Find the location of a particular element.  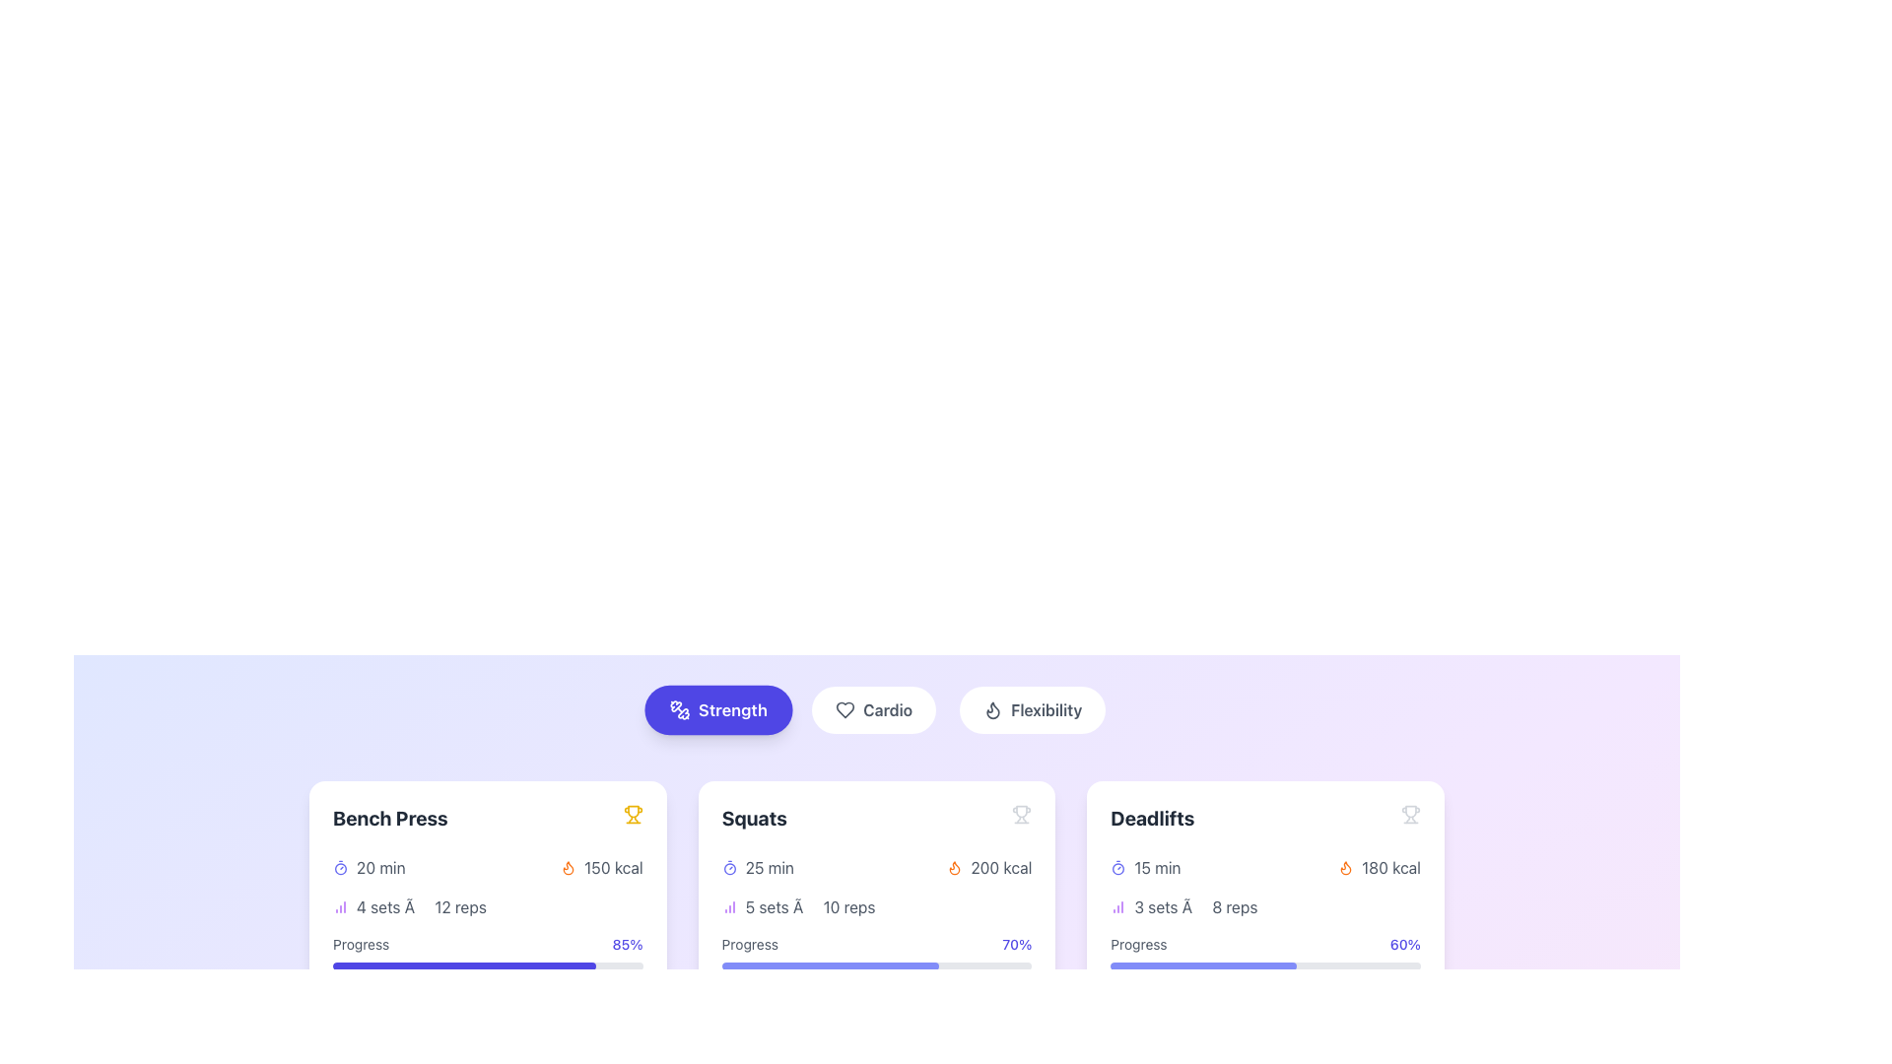

the calories burned icon located in the 'Deadlifts' section adjacent to the text '180 kcal' is located at coordinates (1345, 867).